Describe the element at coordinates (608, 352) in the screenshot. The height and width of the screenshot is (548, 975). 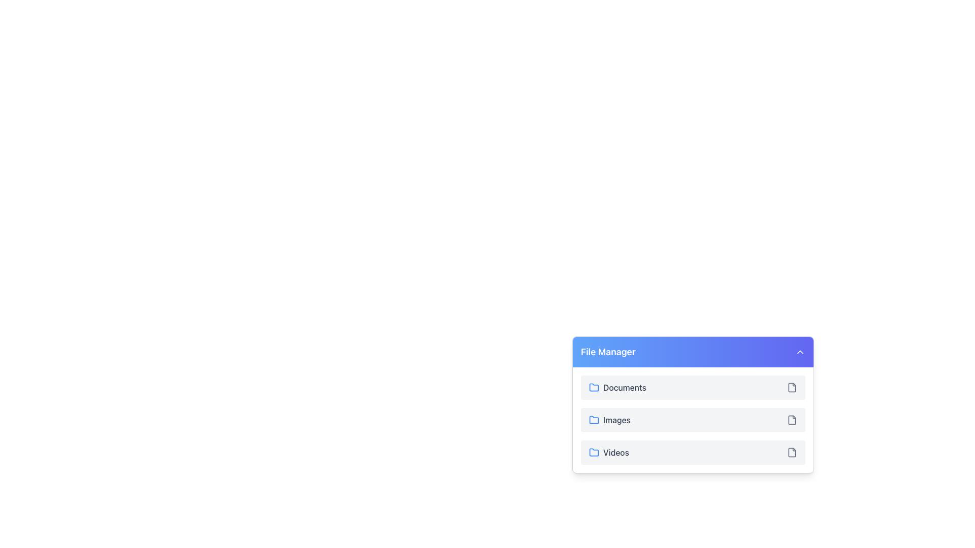
I see `text content of the Text Label located in the header bar, which indicates the purpose or identity of the associated section` at that location.